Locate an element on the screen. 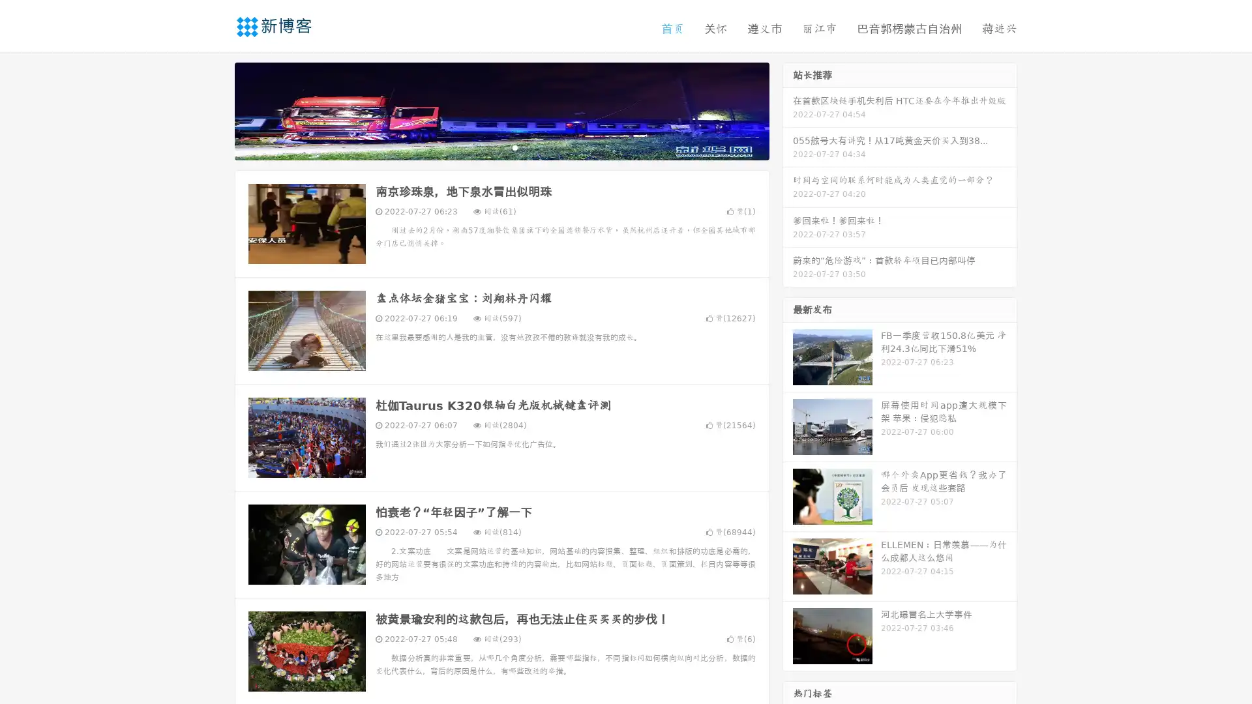 The width and height of the screenshot is (1252, 704). Previous slide is located at coordinates (215, 110).